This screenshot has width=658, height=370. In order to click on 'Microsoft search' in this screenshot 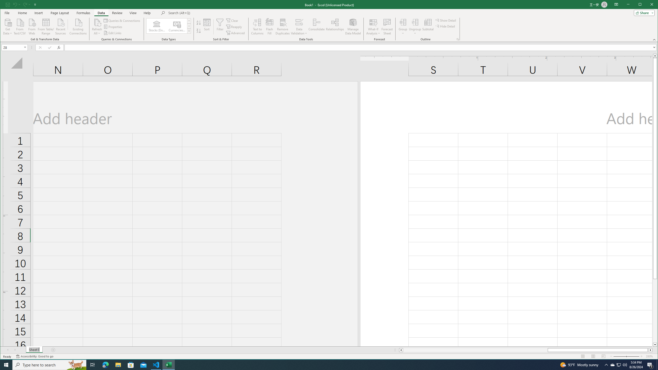, I will do `click(204, 13)`.